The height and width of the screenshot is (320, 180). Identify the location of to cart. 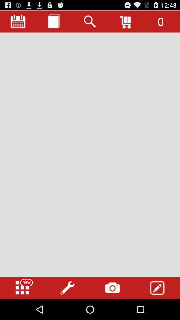
(126, 21).